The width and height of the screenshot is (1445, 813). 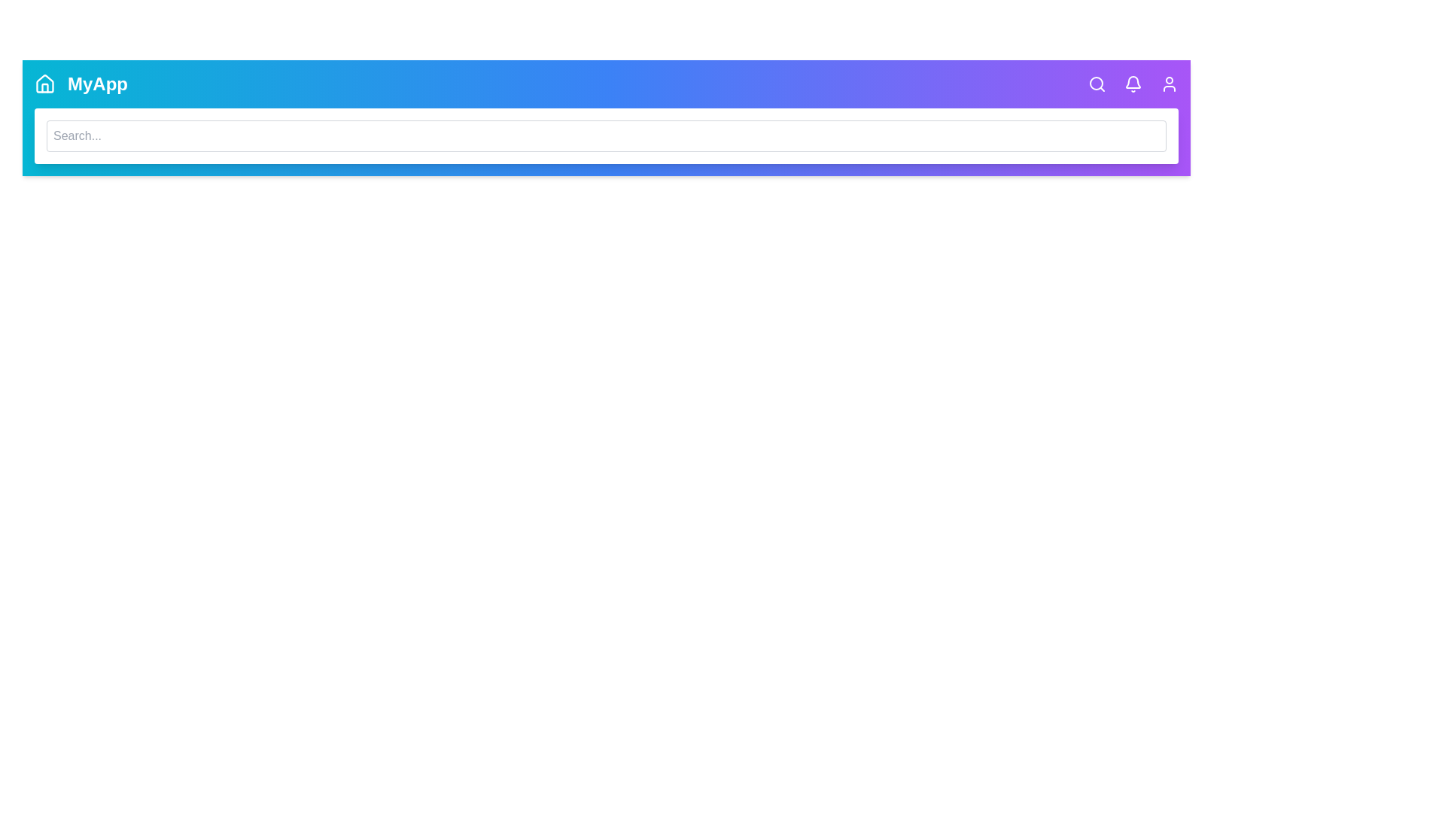 What do you see at coordinates (96, 84) in the screenshot?
I see `the 'MyApp' title to interact with the branding` at bounding box center [96, 84].